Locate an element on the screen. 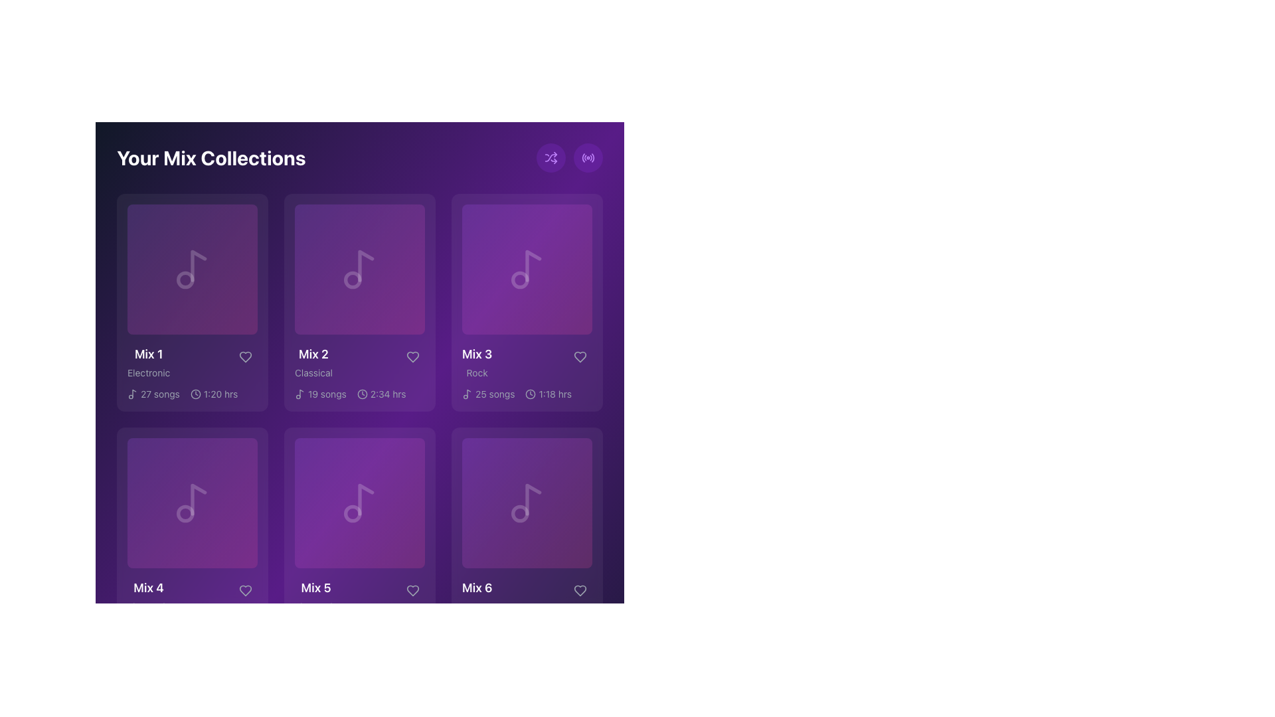  the heart icon button located at the middle-right edge of the first card labeled 'Mix 1' is located at coordinates (245, 356).